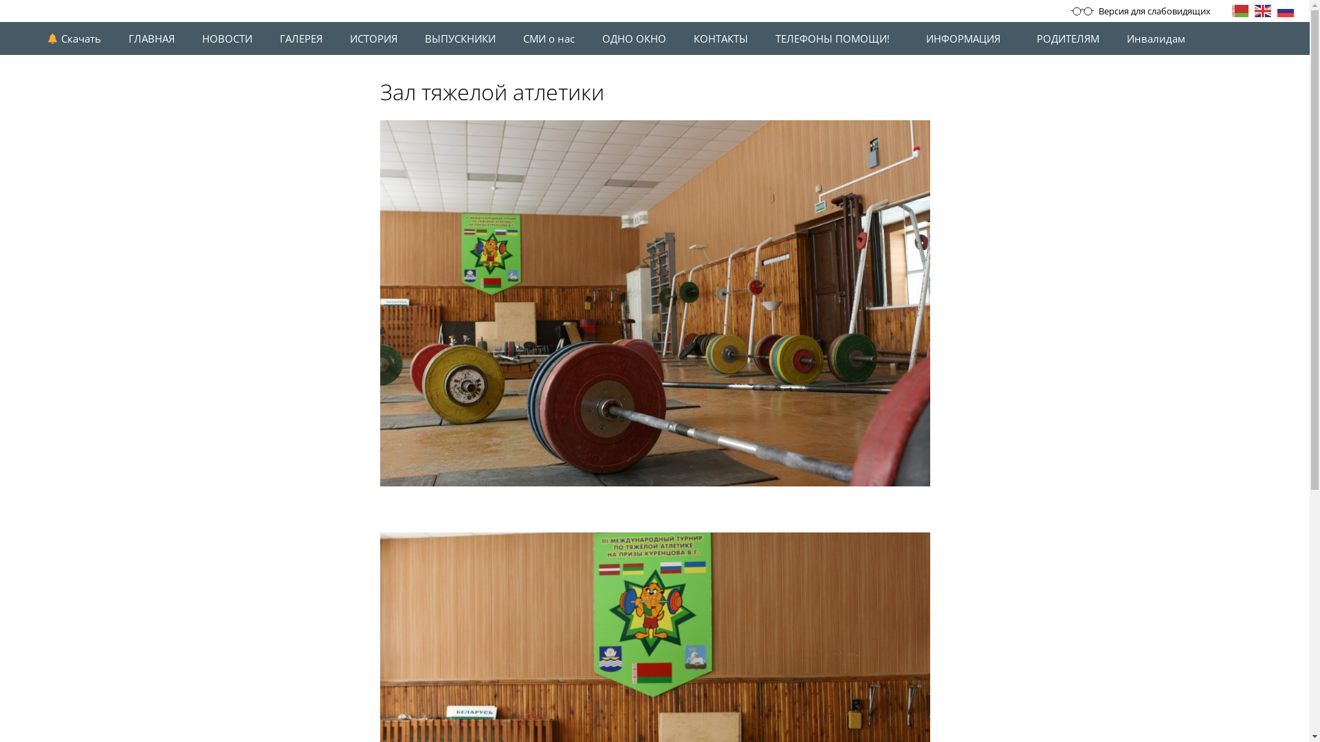 The width and height of the screenshot is (1320, 742). What do you see at coordinates (1264, 10) in the screenshot?
I see `'English'` at bounding box center [1264, 10].